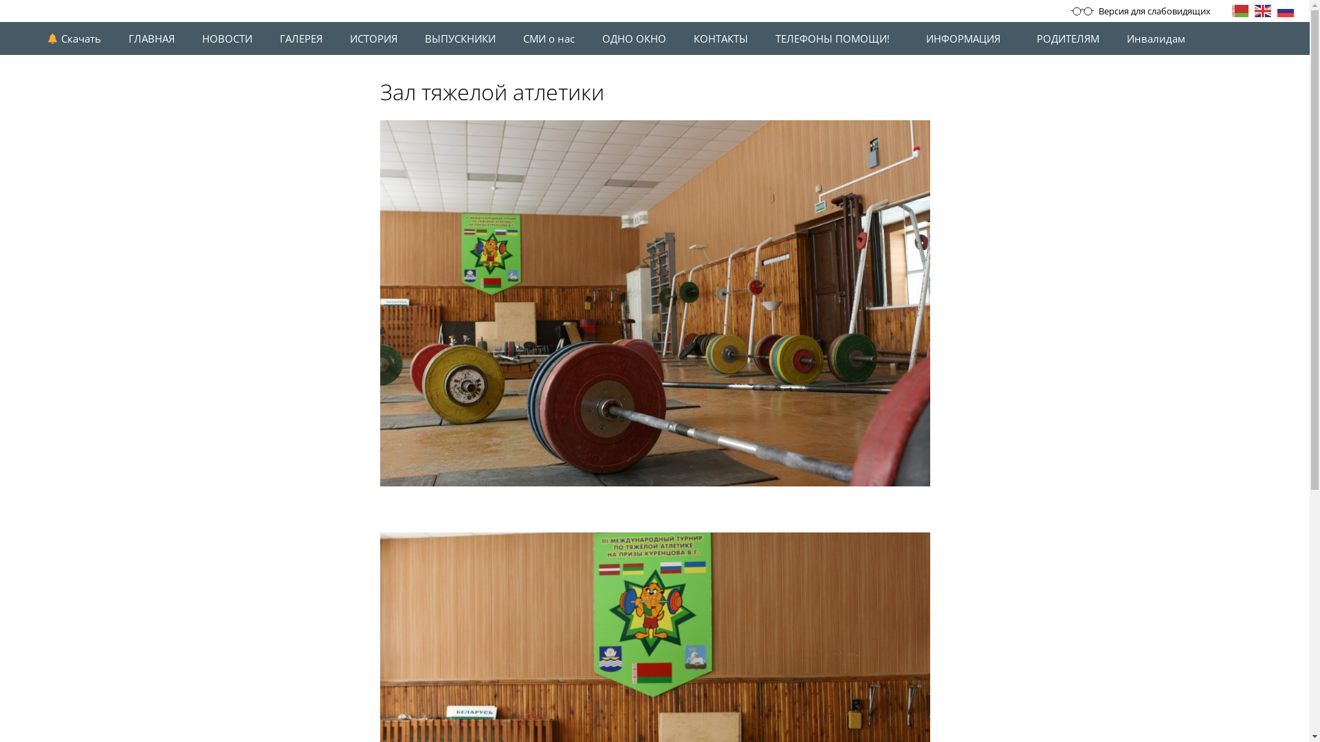 The width and height of the screenshot is (1320, 742). What do you see at coordinates (1264, 10) in the screenshot?
I see `'English'` at bounding box center [1264, 10].